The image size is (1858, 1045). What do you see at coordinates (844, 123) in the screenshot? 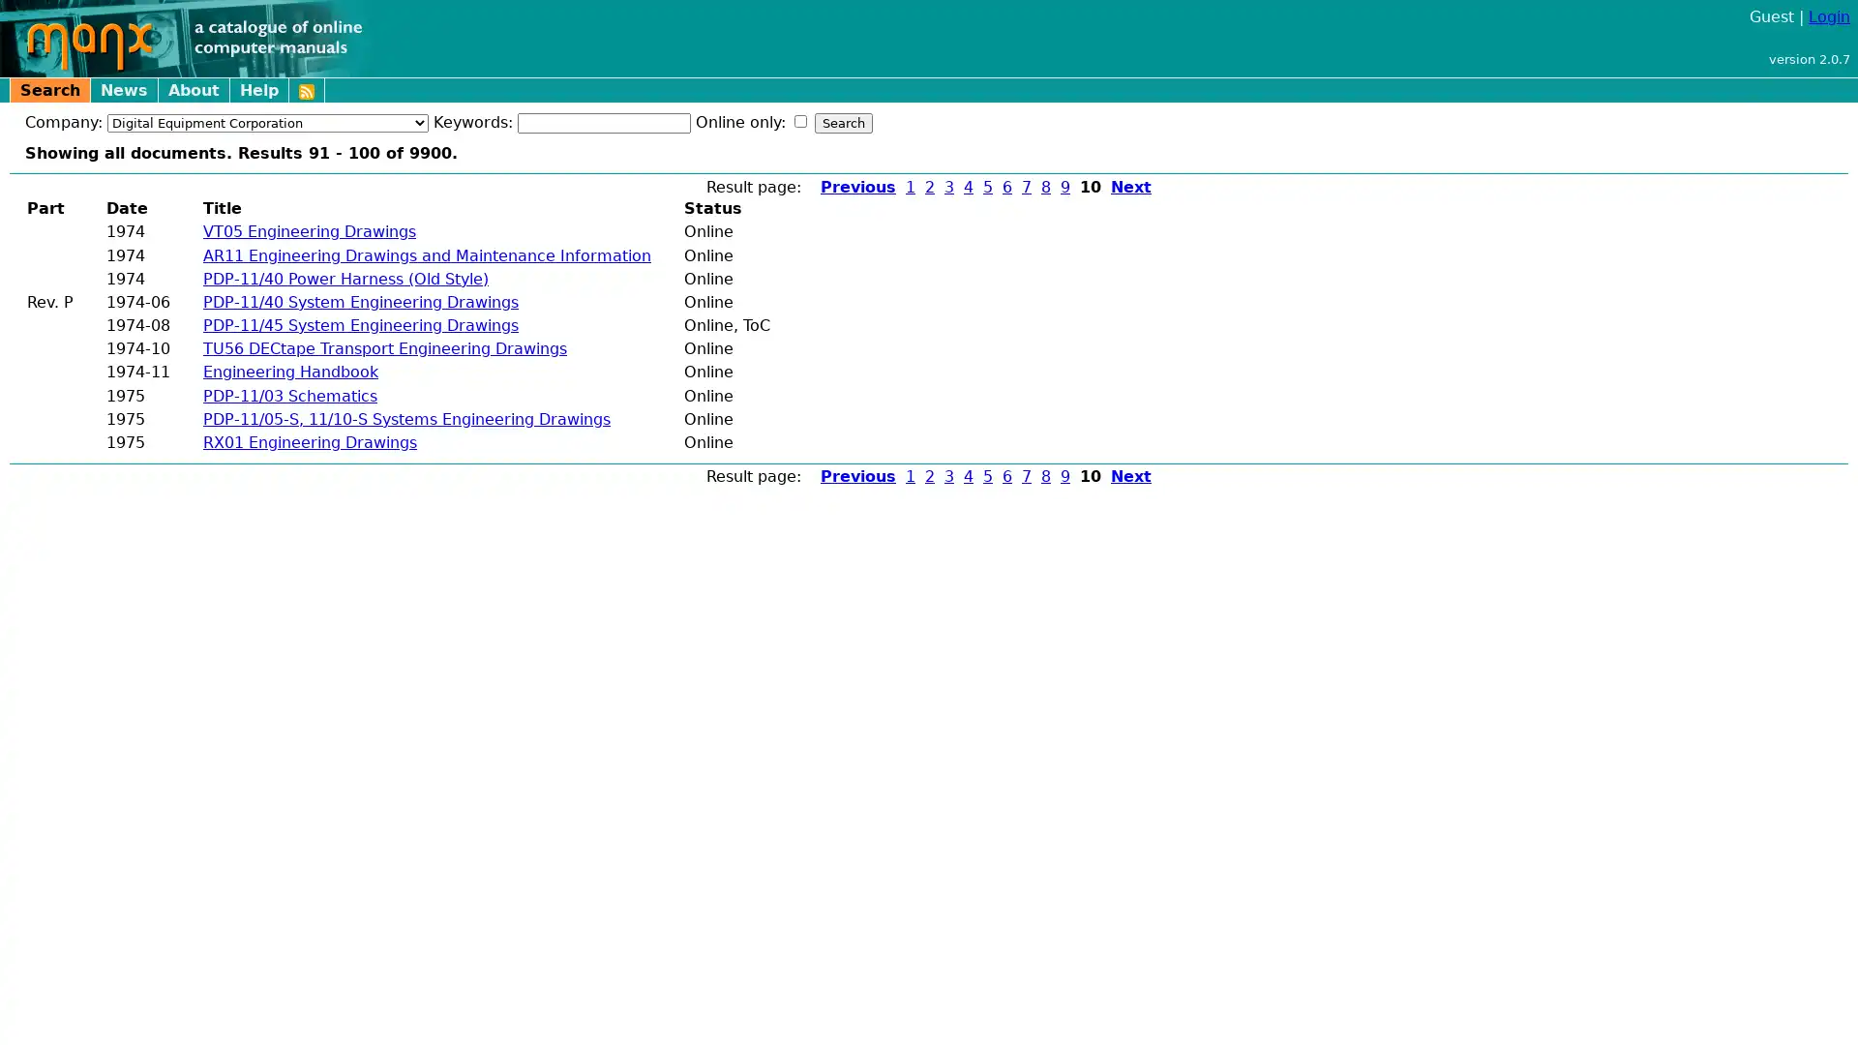
I see `Search` at bounding box center [844, 123].